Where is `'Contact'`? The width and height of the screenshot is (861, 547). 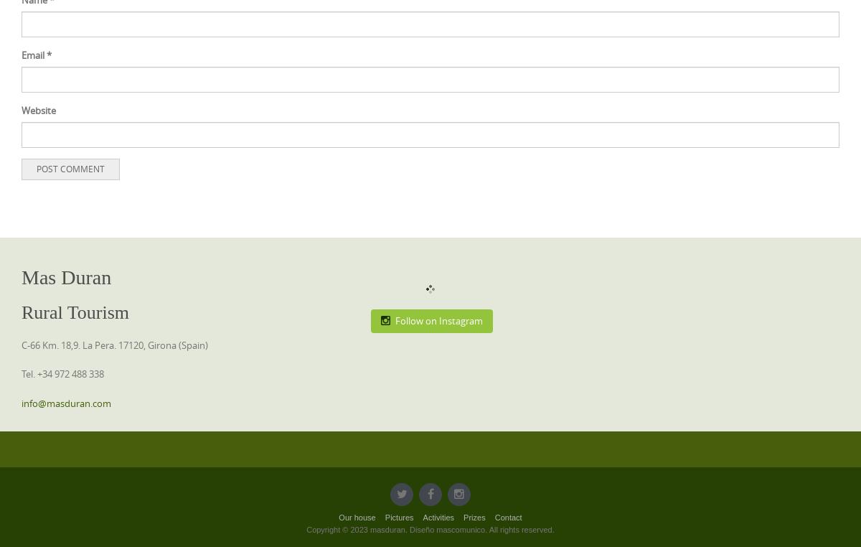 'Contact' is located at coordinates (508, 517).